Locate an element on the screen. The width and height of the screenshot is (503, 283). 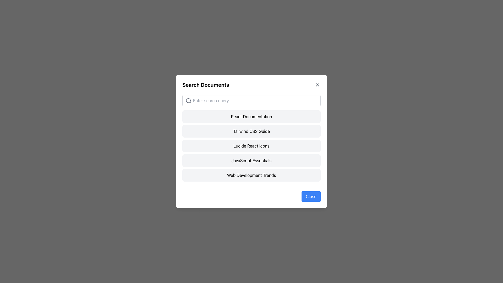
SVG structure of the close icon located in the top-right corner of the 'Search Documents' modal dialog is located at coordinates (317, 85).